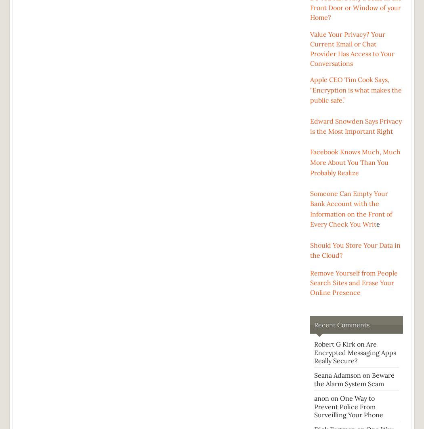  Describe the element at coordinates (355, 352) in the screenshot. I see `'Are Encrypted Messaging Apps Really Secure?'` at that location.